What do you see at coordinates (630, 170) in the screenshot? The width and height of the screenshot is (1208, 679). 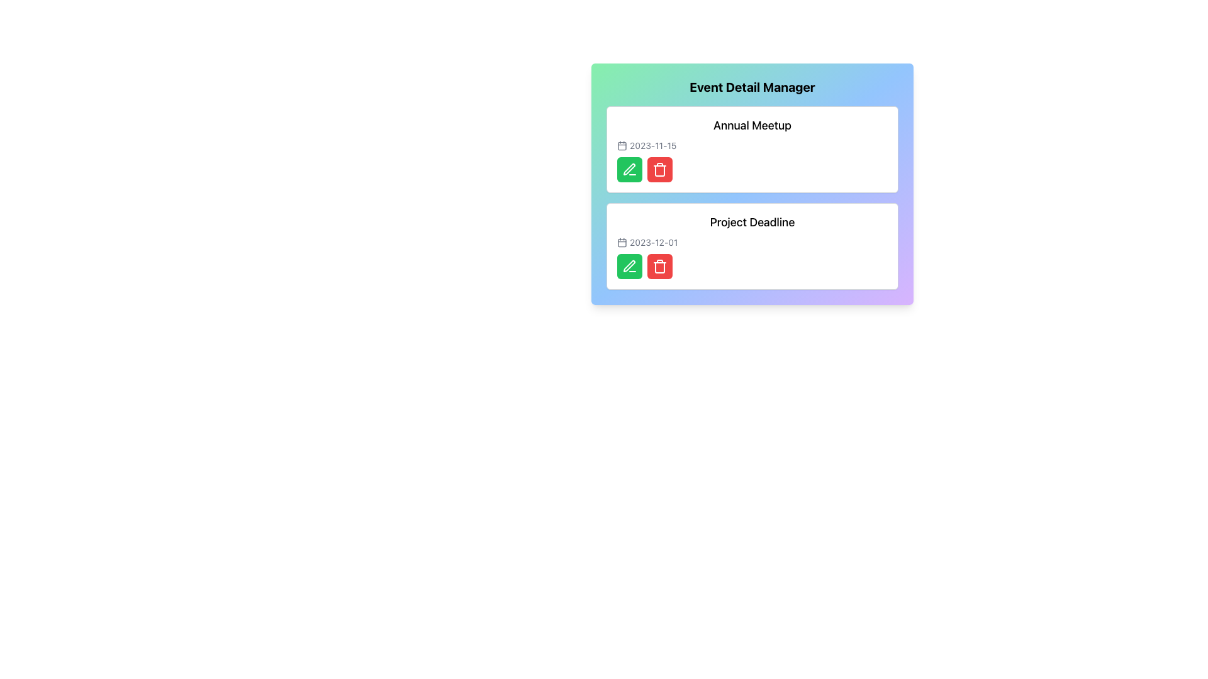 I see `the edit button located in the 'Annual Meetup' section for the event on '2023-11-15' to modify the event details` at bounding box center [630, 170].